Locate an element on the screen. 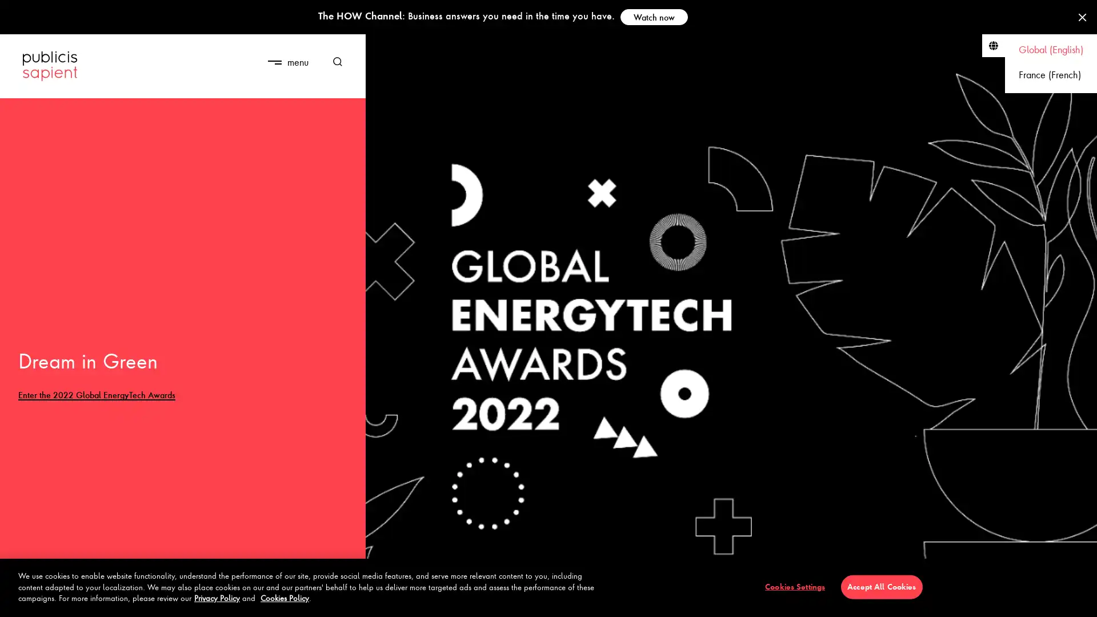 This screenshot has width=1097, height=617. menu is located at coordinates (287, 62).